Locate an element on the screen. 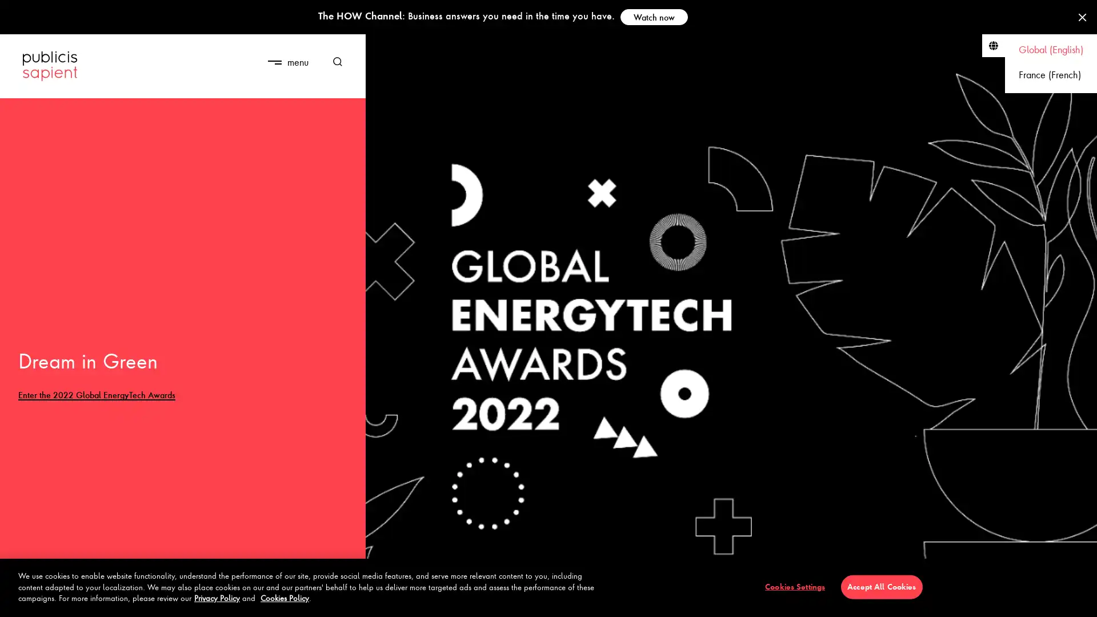 This screenshot has width=1097, height=617. menu is located at coordinates (287, 62).